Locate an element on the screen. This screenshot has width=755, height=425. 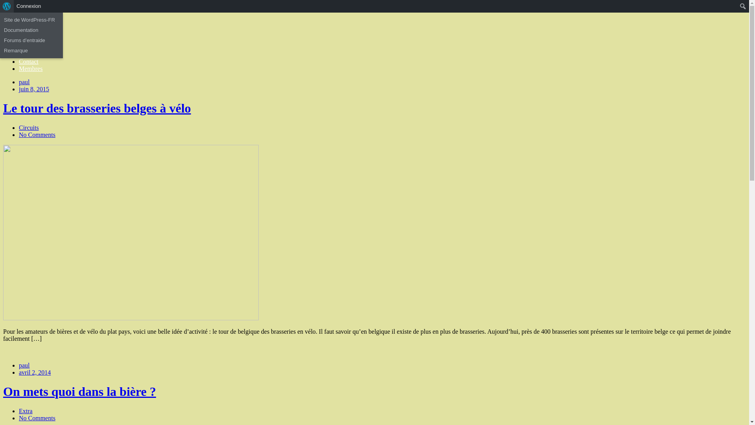
'Extra' is located at coordinates (26, 410).